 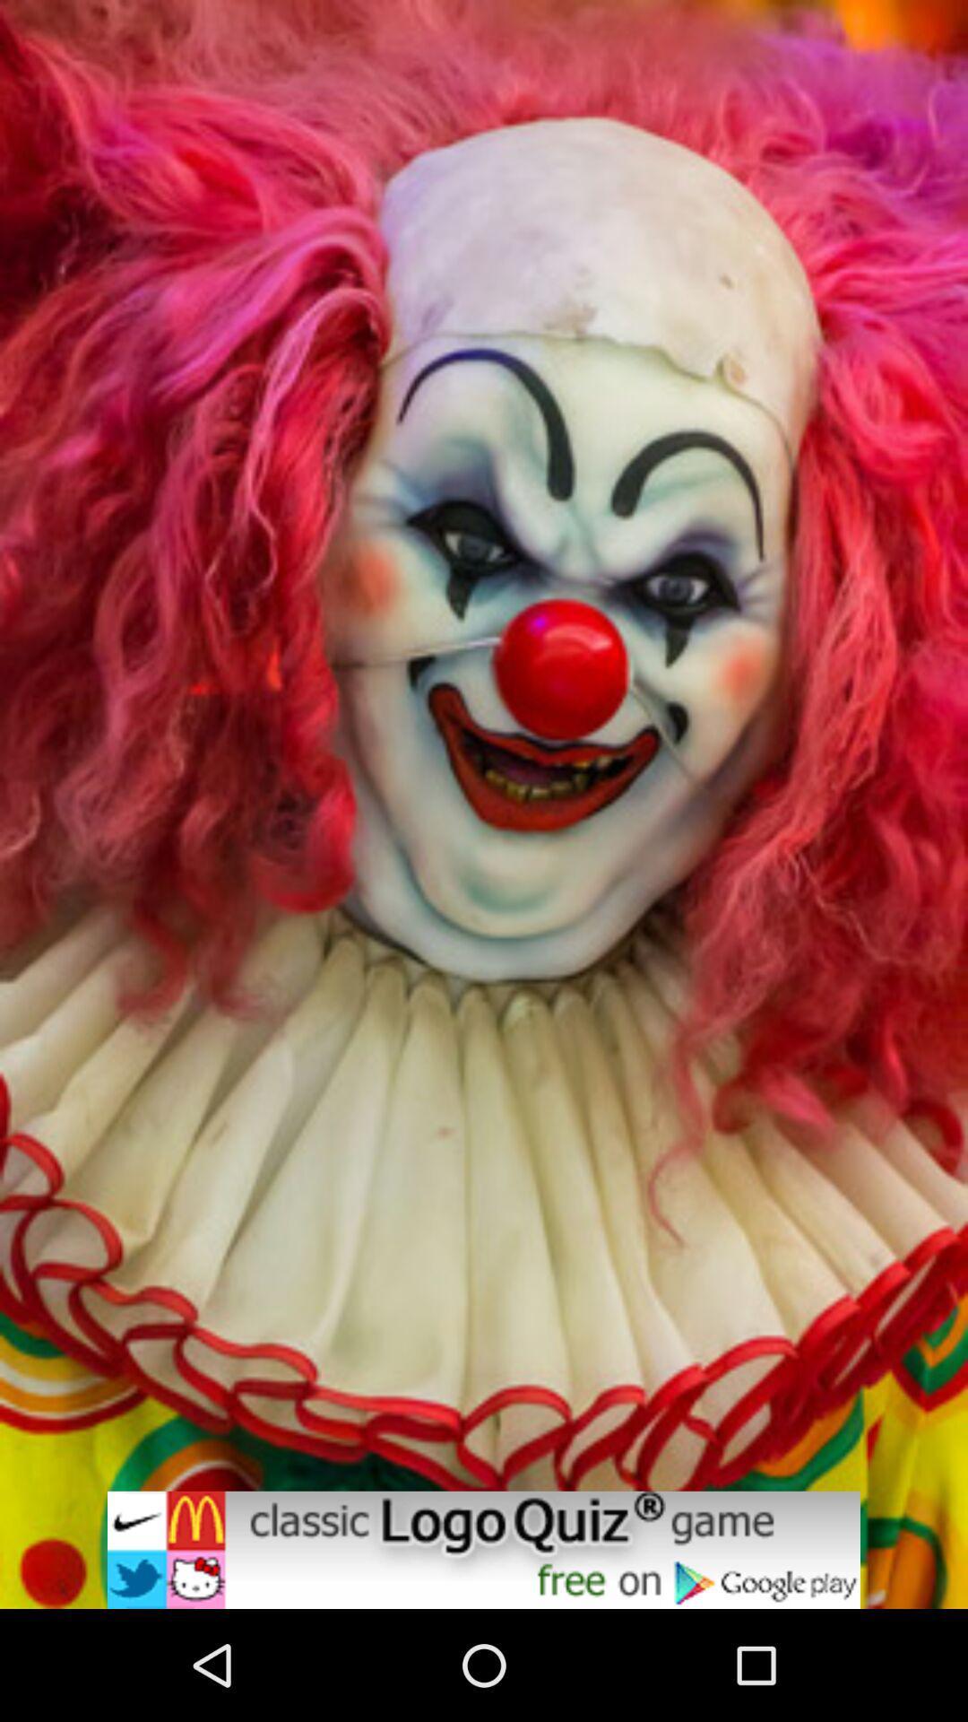 What do you see at coordinates (484, 1549) in the screenshot?
I see `click on game advertisement` at bounding box center [484, 1549].